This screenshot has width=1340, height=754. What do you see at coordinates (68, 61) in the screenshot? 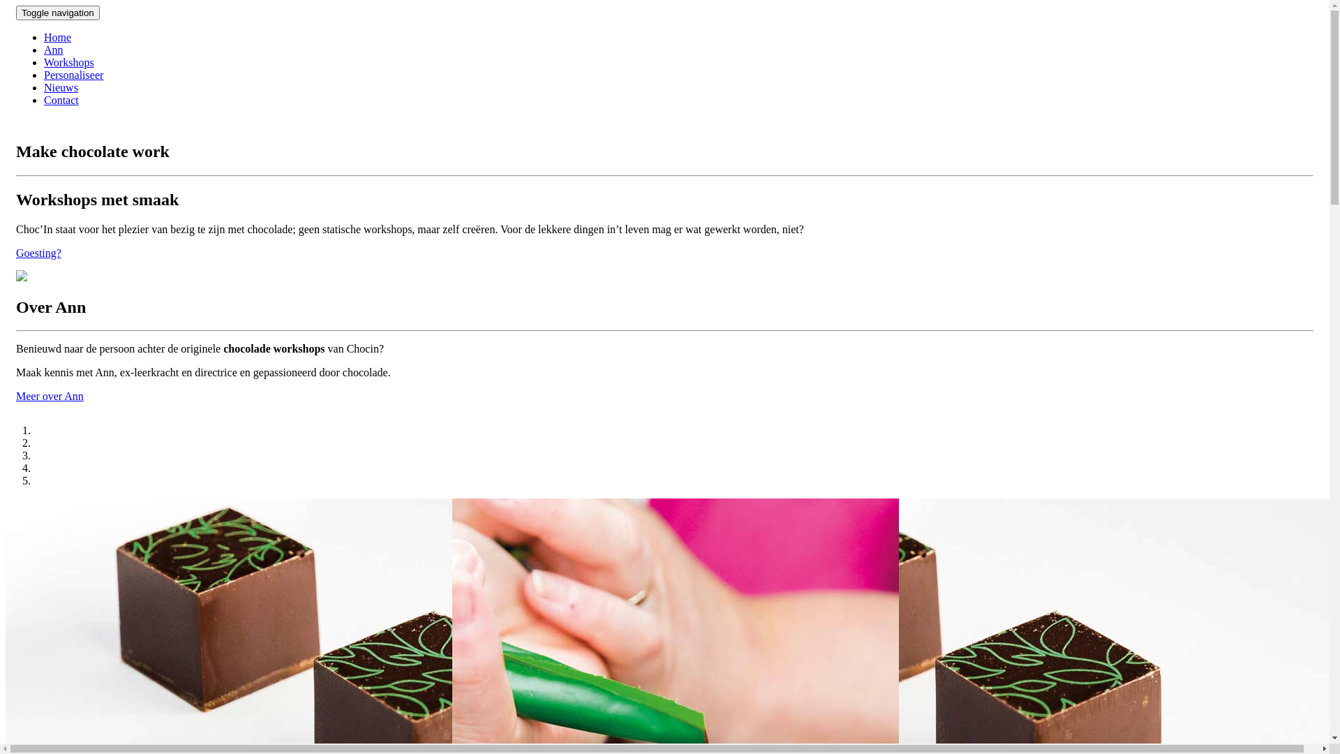
I see `'Workshops'` at bounding box center [68, 61].